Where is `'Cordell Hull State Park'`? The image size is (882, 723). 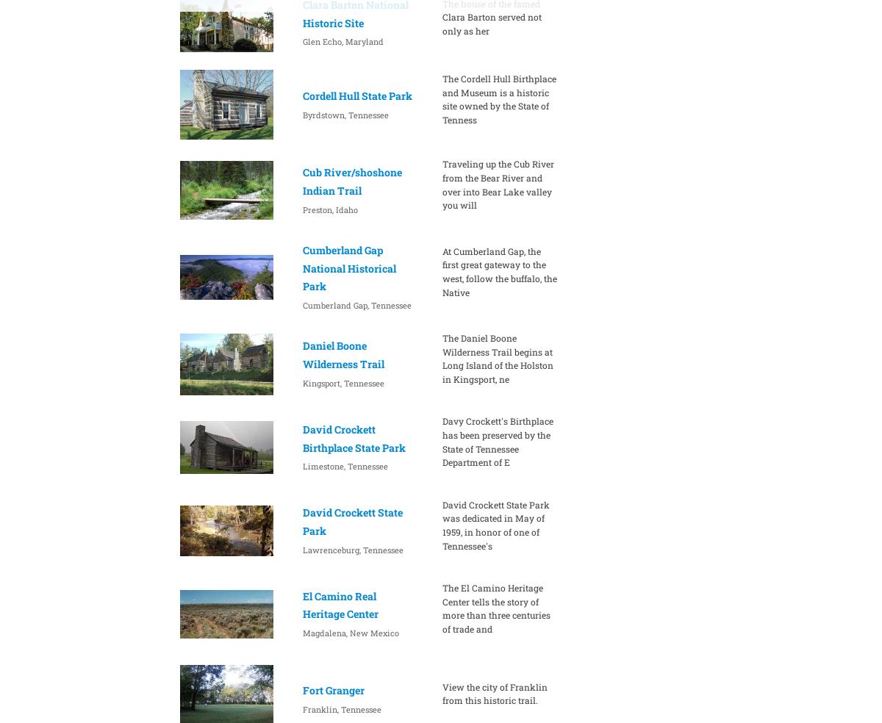 'Cordell Hull State Park' is located at coordinates (356, 95).